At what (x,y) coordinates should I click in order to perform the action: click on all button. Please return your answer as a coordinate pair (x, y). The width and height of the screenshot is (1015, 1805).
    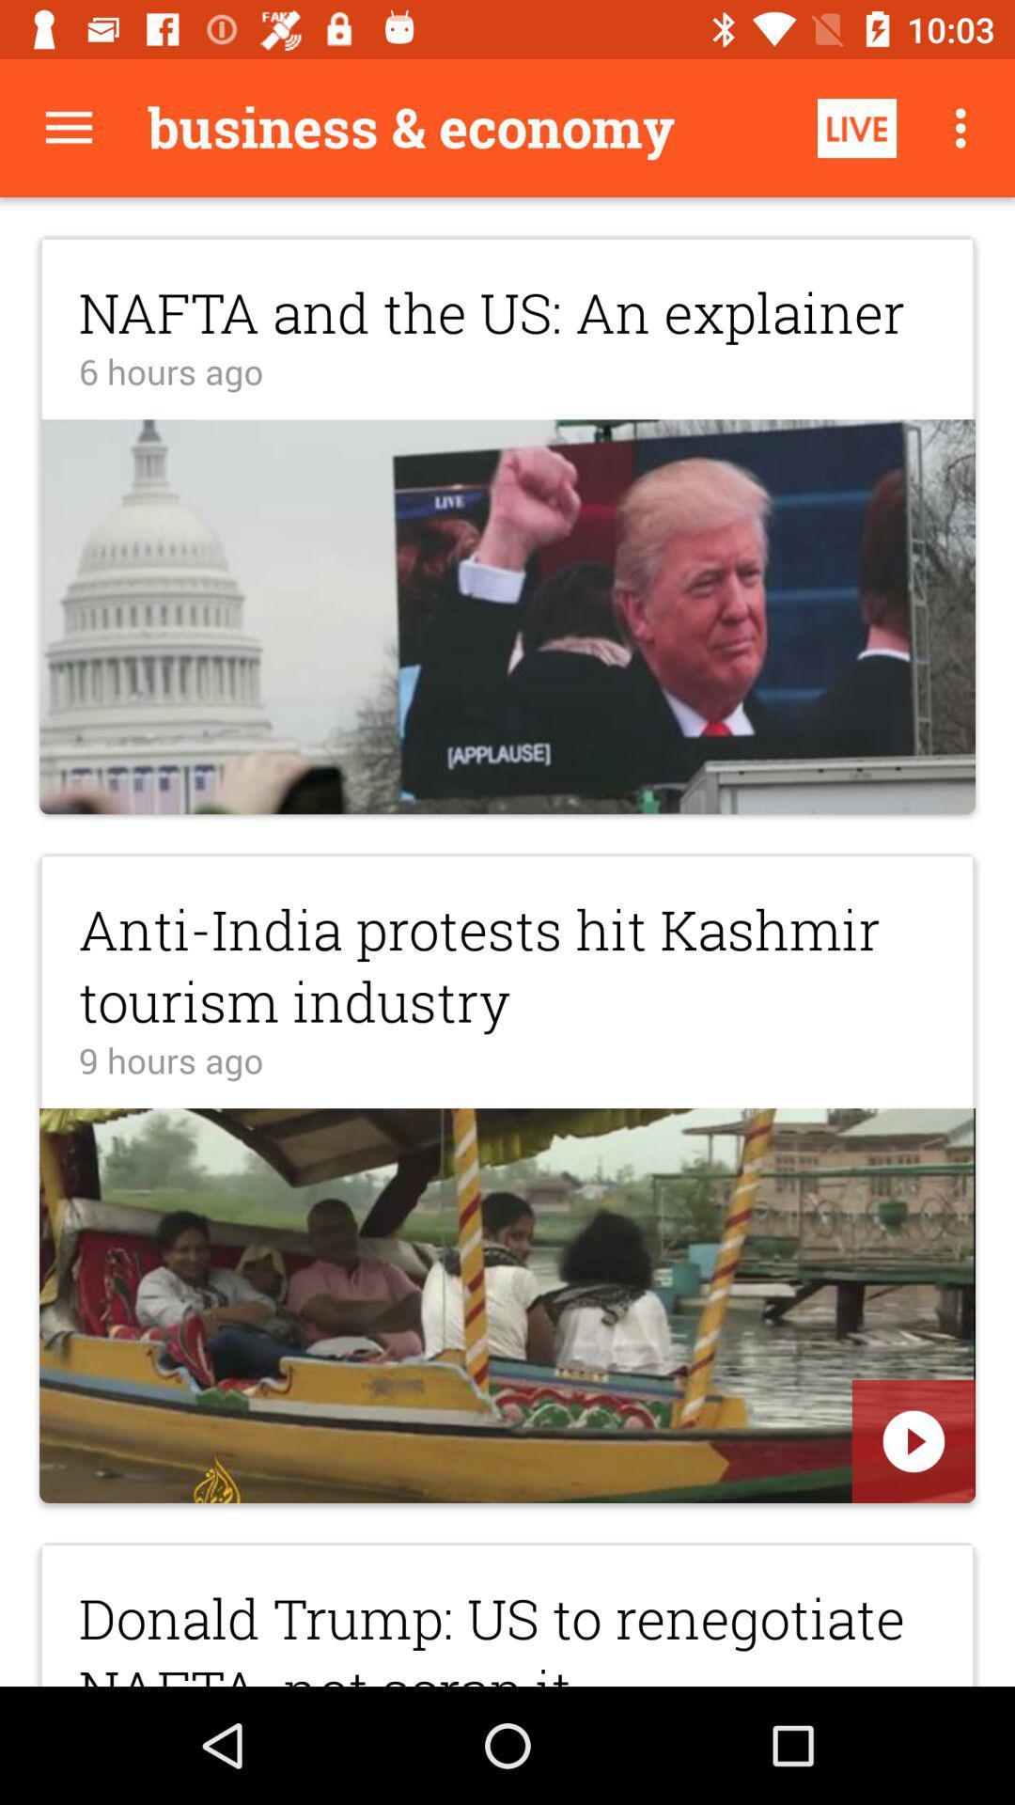
    Looking at the image, I should click on (68, 127).